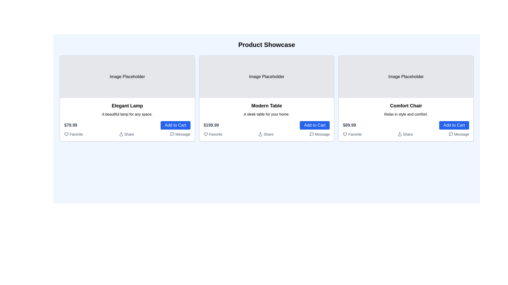  I want to click on the 'Image Placeholder' label, which is styled in a standard black font on a light gray background and is centrally located within the top section of the first card, so click(127, 77).